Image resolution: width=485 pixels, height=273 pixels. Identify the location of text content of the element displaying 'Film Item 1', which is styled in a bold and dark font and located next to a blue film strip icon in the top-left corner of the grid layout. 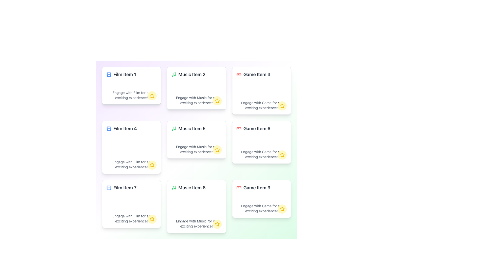
(125, 74).